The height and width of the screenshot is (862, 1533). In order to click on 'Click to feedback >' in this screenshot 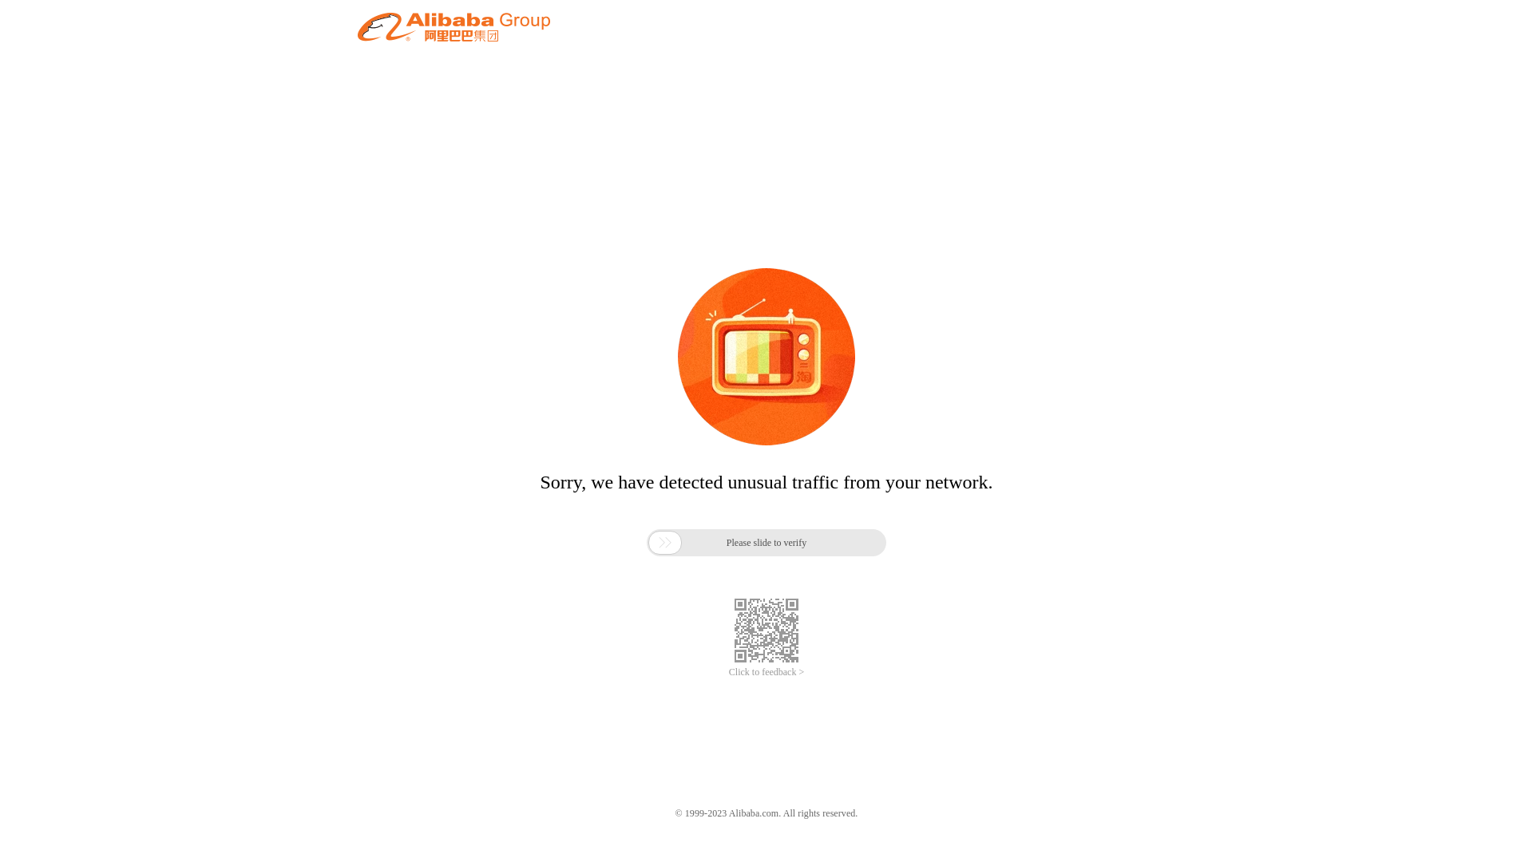, I will do `click(727, 672)`.